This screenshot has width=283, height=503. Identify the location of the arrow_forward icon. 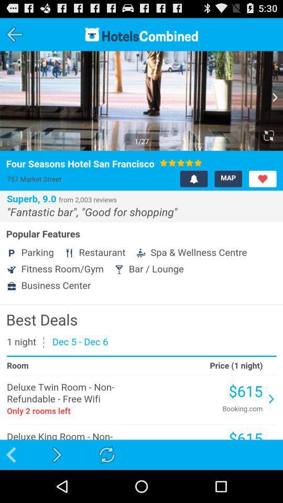
(60, 487).